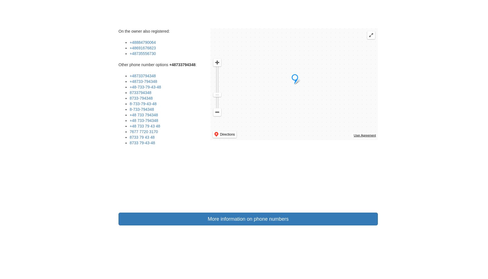  What do you see at coordinates (143, 115) in the screenshot?
I see `'+48 733 794348'` at bounding box center [143, 115].